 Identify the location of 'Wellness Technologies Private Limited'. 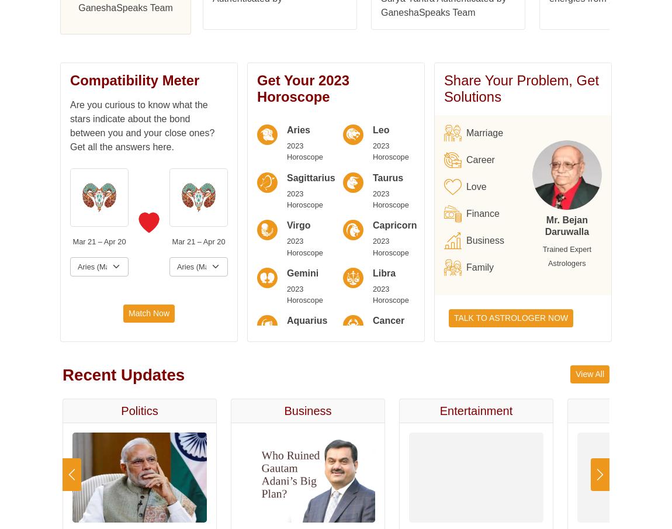
(293, 112).